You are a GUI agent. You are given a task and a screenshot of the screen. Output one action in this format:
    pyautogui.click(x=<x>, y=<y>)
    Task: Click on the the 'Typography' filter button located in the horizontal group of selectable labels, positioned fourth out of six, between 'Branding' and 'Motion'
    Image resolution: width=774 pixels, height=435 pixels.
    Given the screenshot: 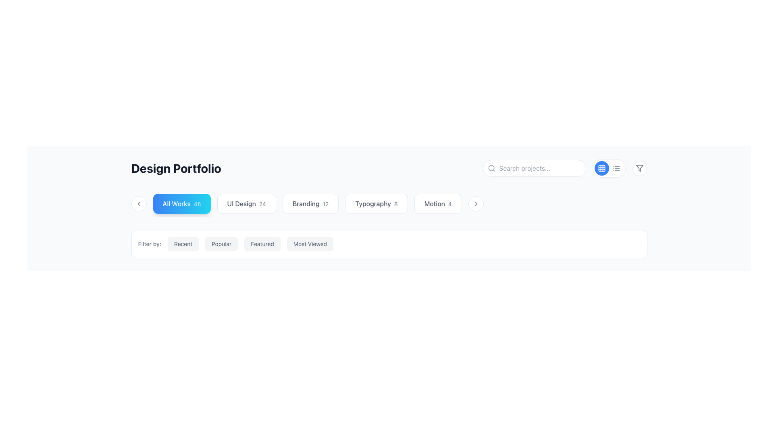 What is the action you would take?
    pyautogui.click(x=389, y=203)
    